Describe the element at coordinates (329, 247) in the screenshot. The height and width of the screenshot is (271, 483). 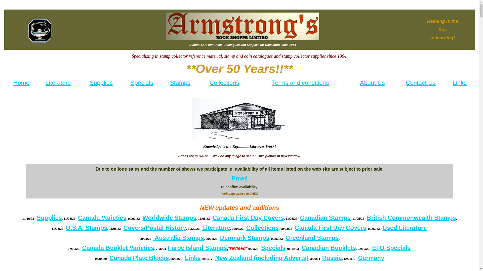
I see `'Canadian Booklets'` at that location.